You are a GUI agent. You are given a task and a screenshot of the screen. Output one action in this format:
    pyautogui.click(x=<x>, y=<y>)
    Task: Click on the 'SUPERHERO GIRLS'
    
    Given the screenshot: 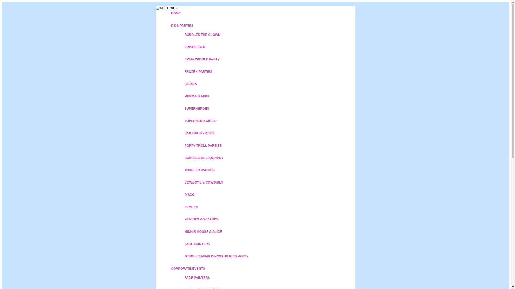 What is the action you would take?
    pyautogui.click(x=199, y=121)
    